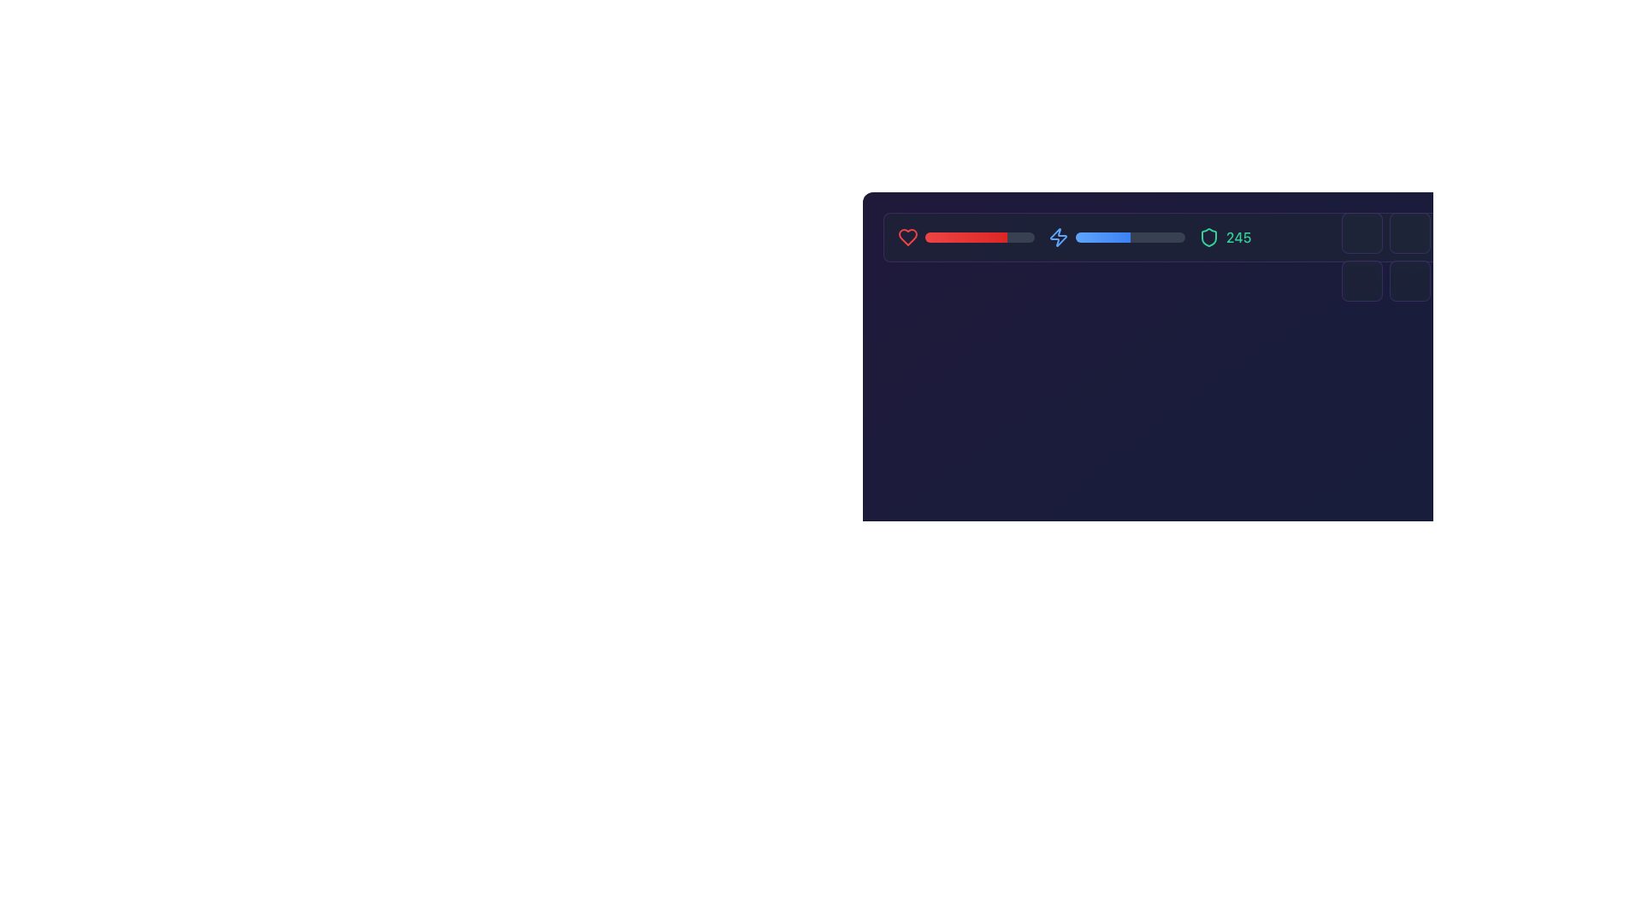 This screenshot has height=923, width=1642. I want to click on properties of the energy or power-related attribute icon located between a red heart icon and a blue gradient progress bar, so click(1058, 237).